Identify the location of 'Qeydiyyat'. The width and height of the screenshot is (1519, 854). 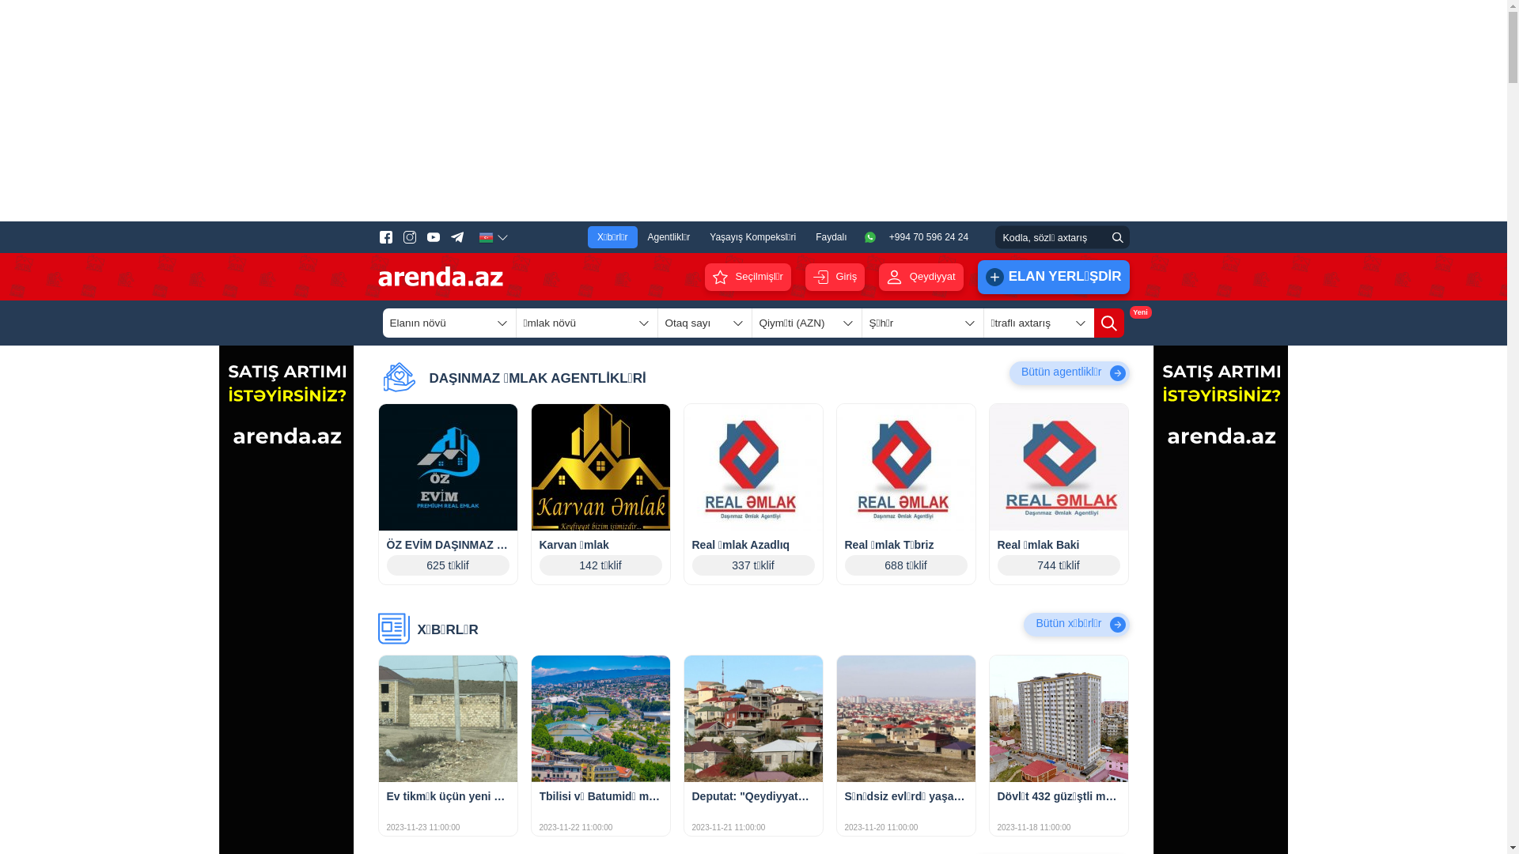
(920, 275).